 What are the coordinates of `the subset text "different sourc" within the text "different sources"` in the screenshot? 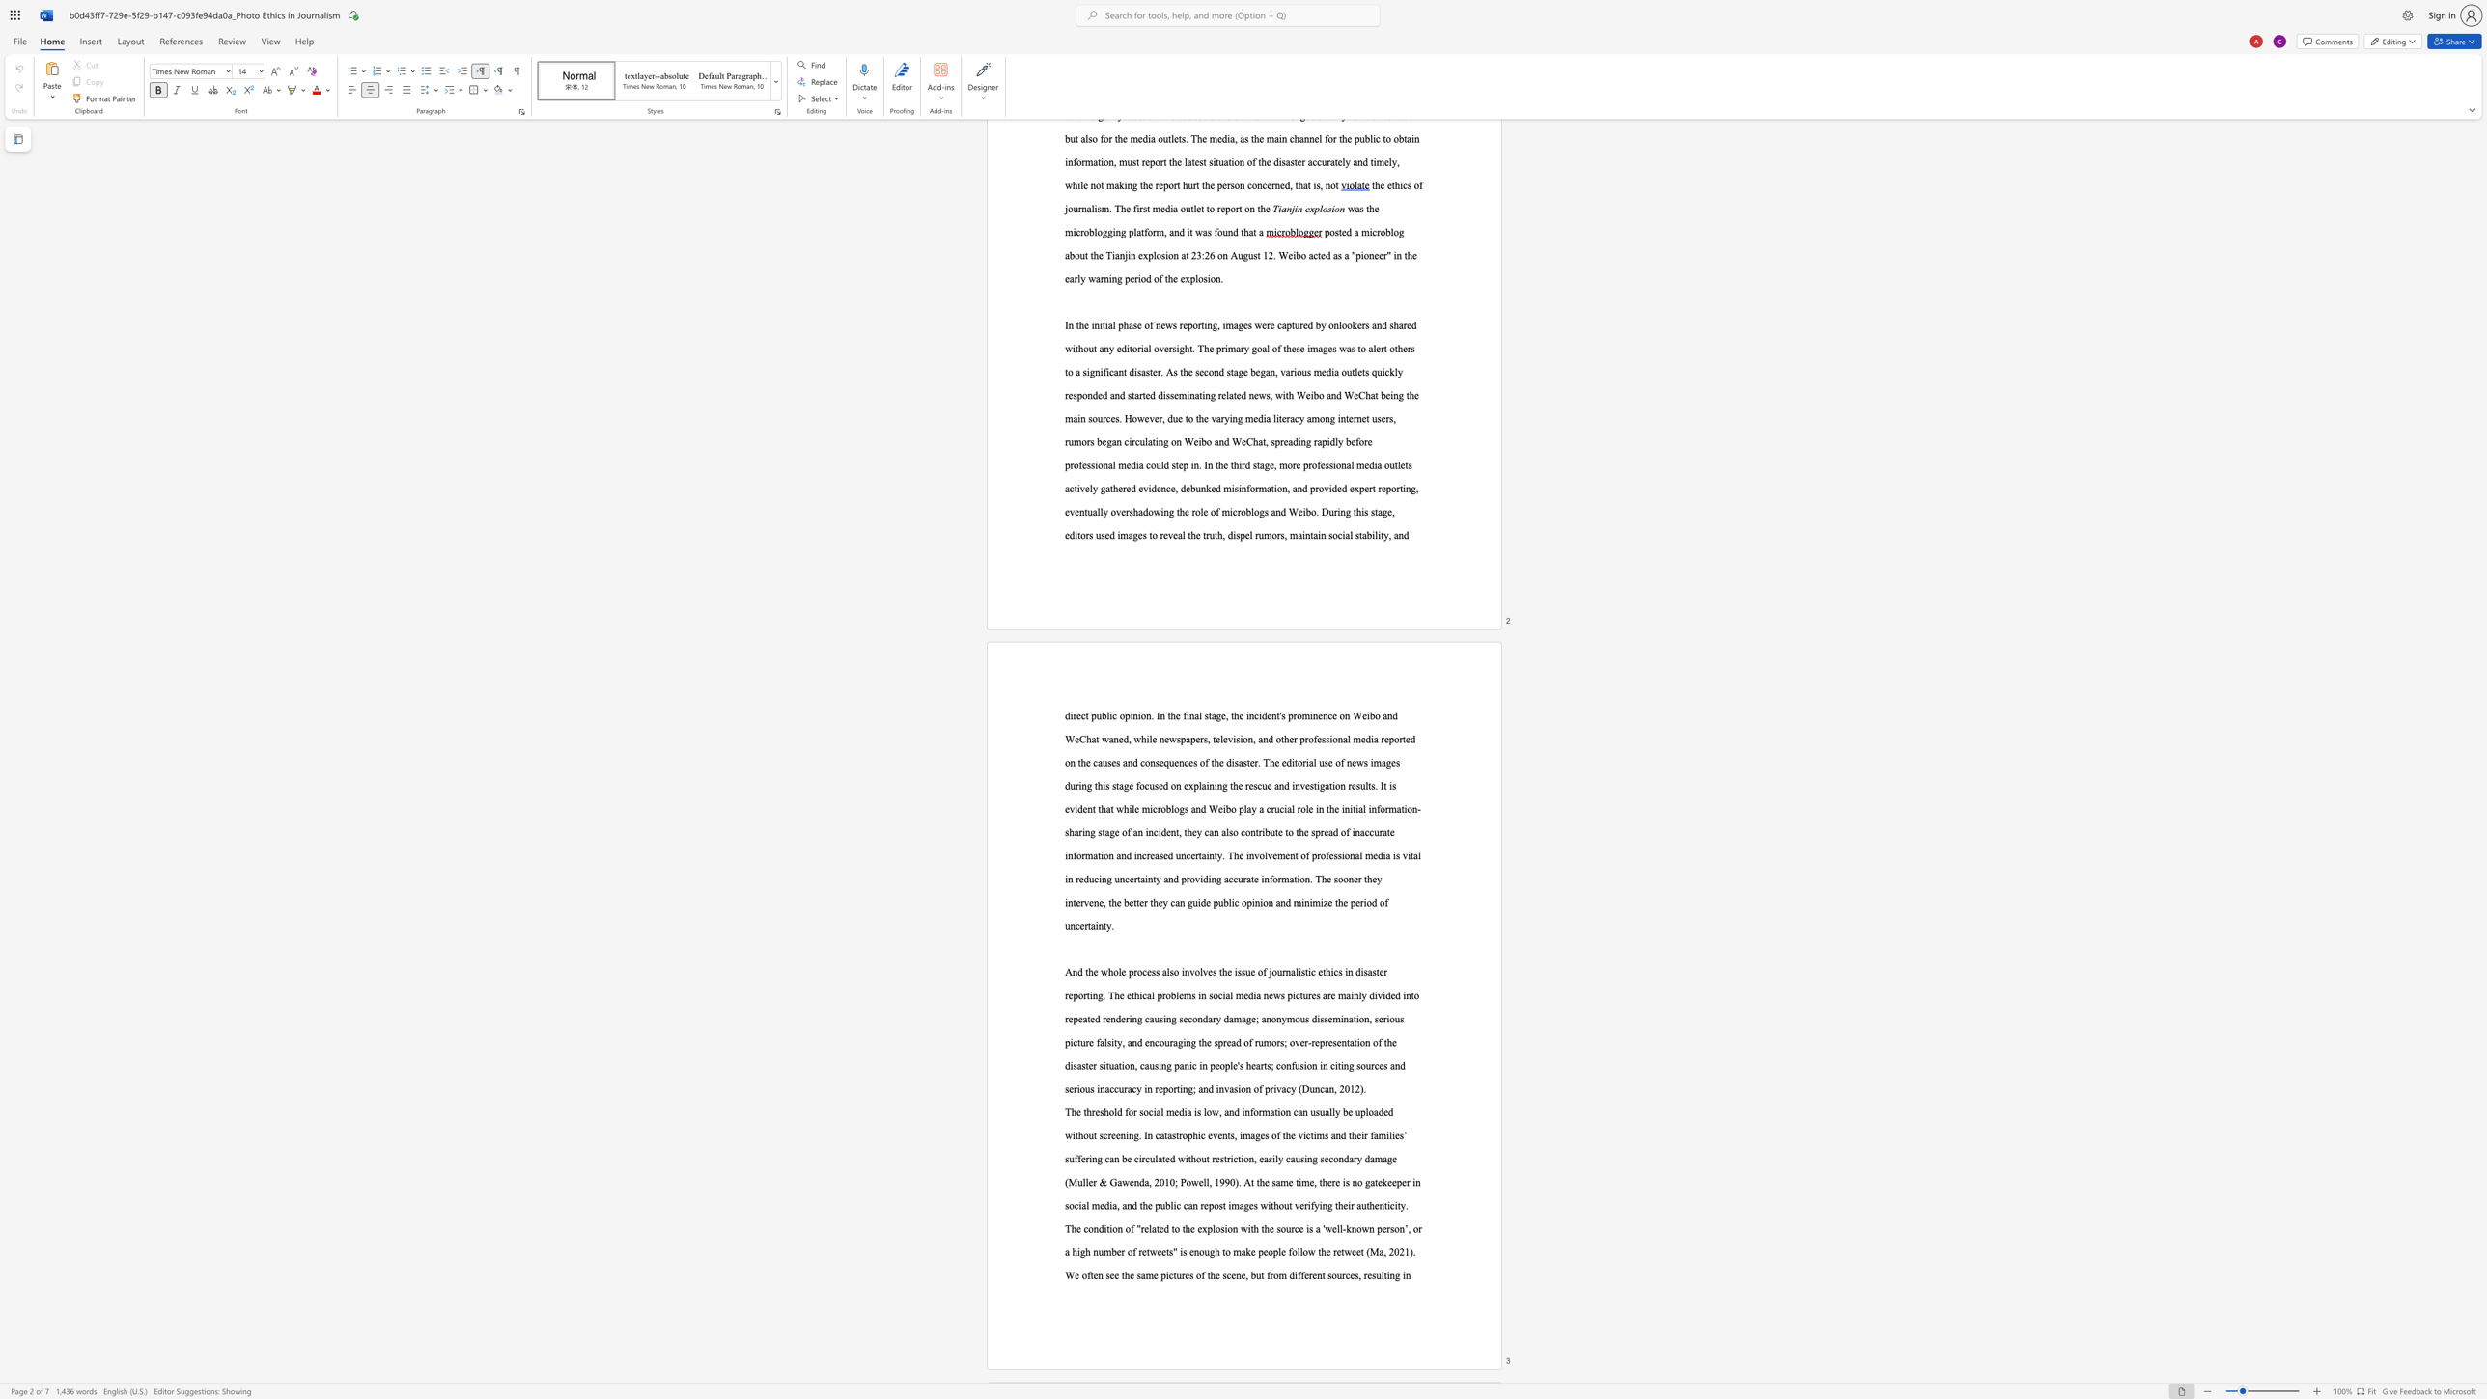 It's located at (1289, 1274).